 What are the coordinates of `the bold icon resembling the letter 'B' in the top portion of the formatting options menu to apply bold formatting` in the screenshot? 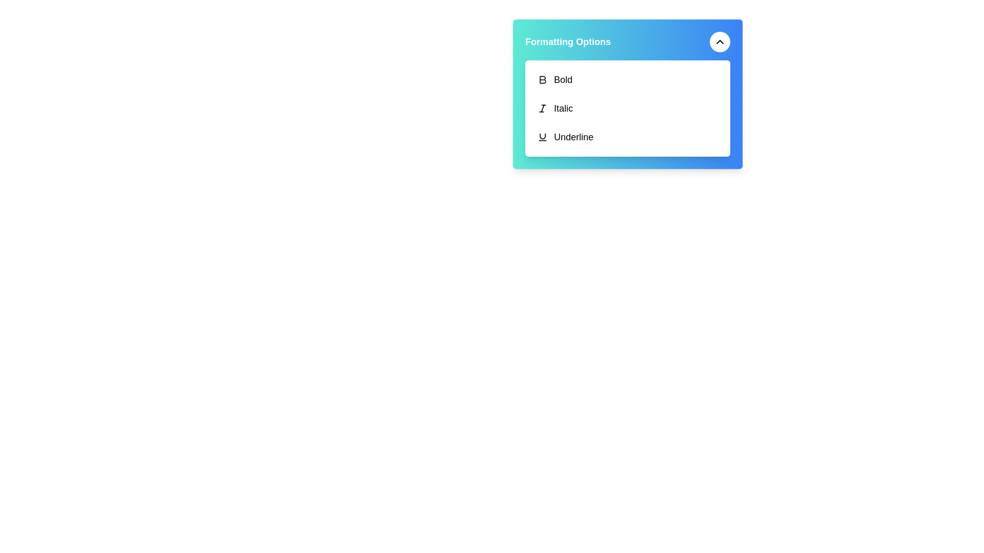 It's located at (542, 79).